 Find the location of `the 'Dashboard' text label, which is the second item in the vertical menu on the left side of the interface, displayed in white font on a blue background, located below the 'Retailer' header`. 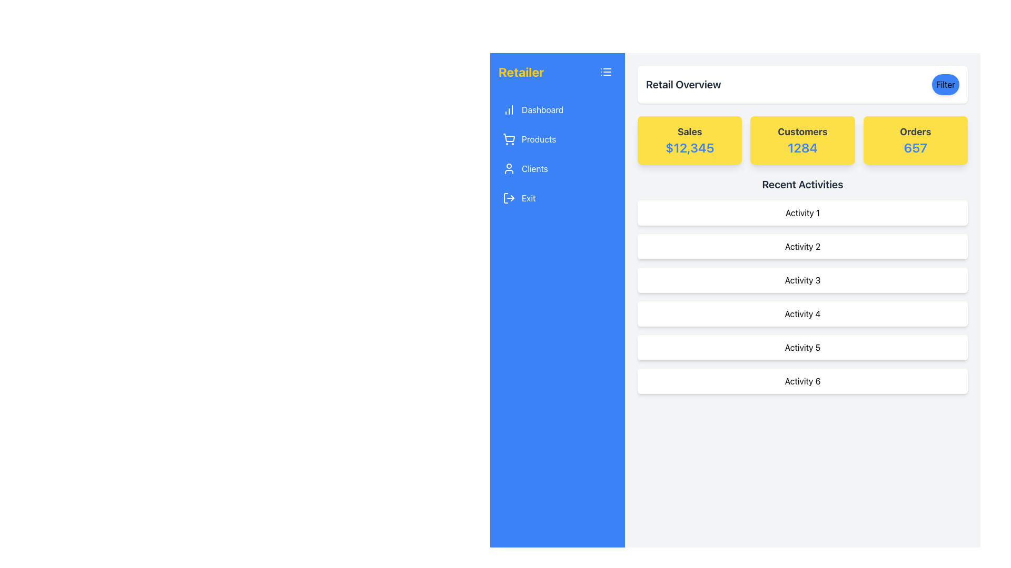

the 'Dashboard' text label, which is the second item in the vertical menu on the left side of the interface, displayed in white font on a blue background, located below the 'Retailer' header is located at coordinates (542, 109).